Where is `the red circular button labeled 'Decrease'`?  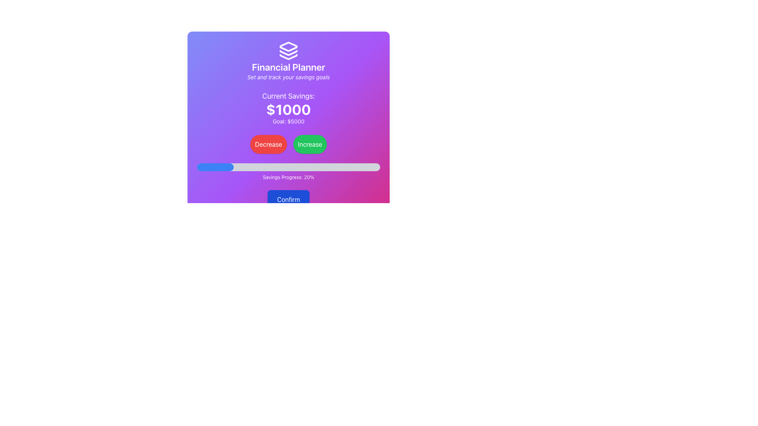 the red circular button labeled 'Decrease' is located at coordinates (268, 144).